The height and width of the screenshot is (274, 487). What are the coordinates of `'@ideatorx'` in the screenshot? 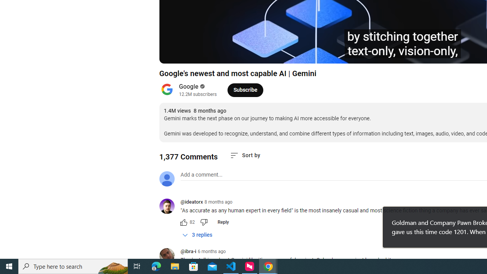 It's located at (191, 202).